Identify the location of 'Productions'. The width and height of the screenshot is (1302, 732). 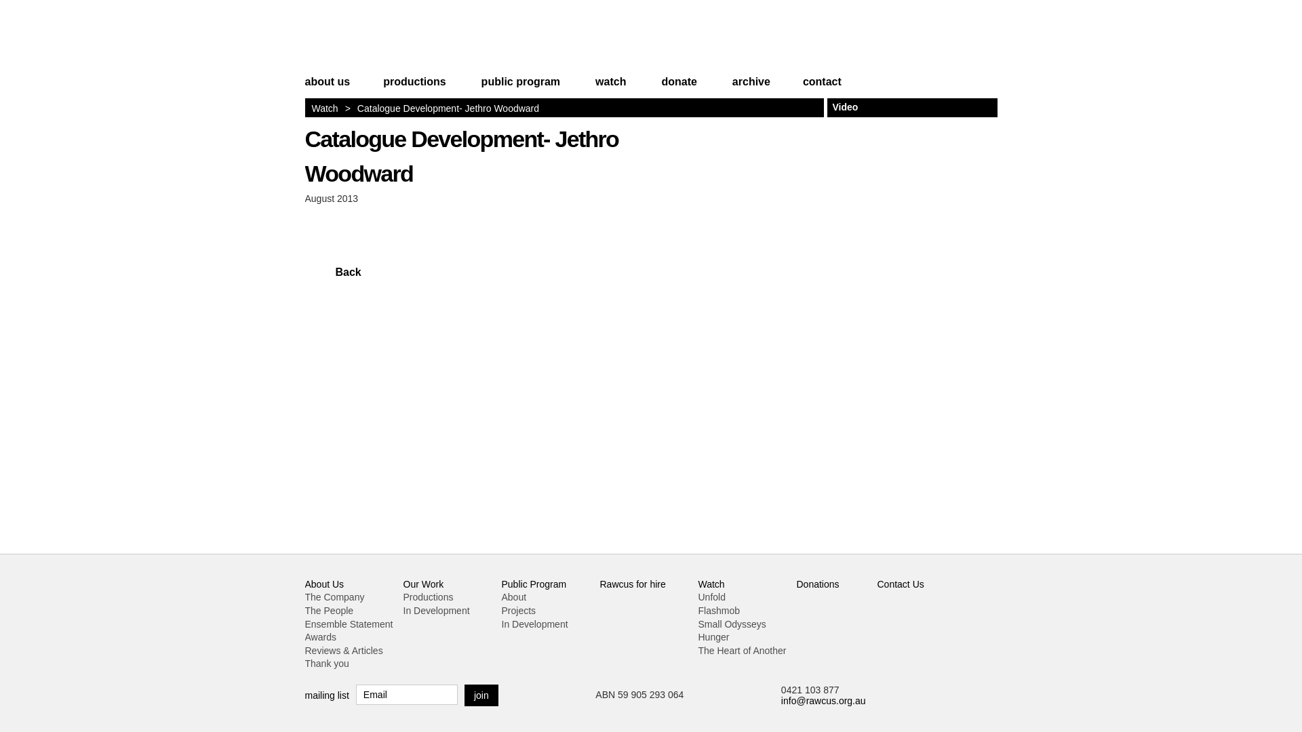
(427, 596).